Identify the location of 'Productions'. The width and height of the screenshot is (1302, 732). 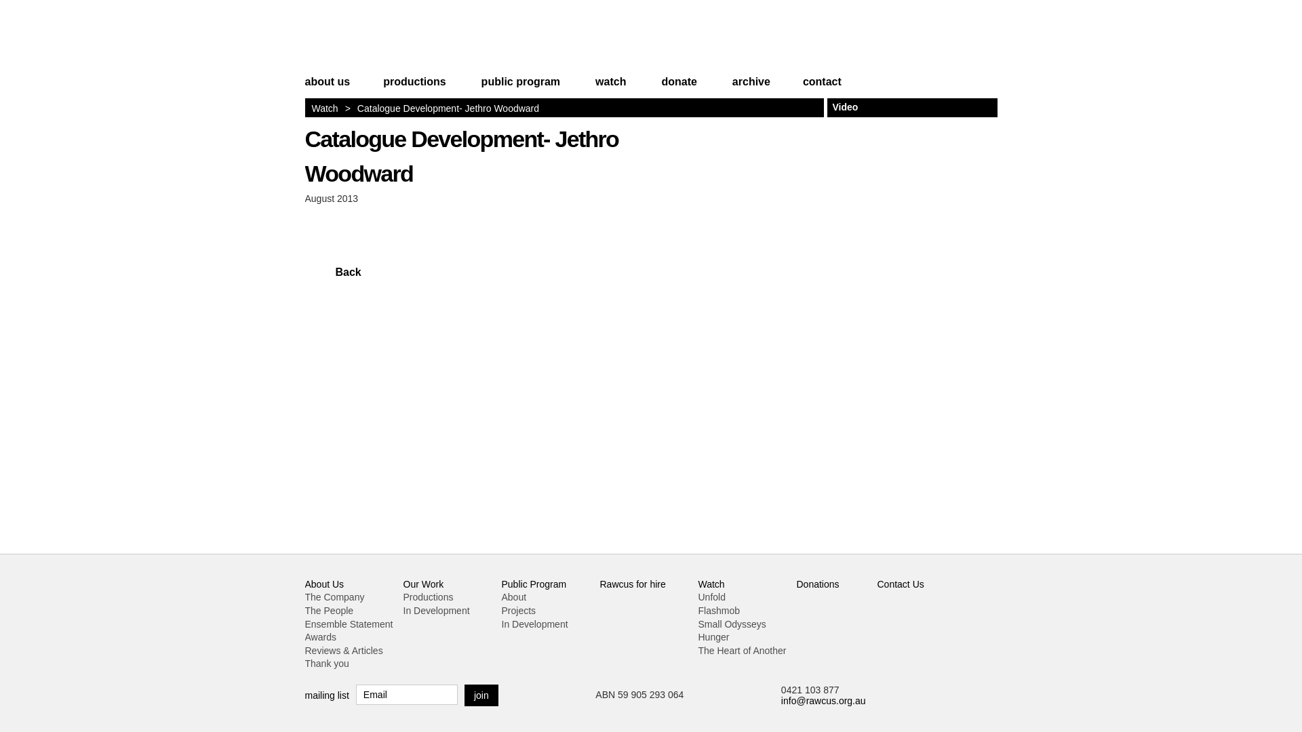
(427, 596).